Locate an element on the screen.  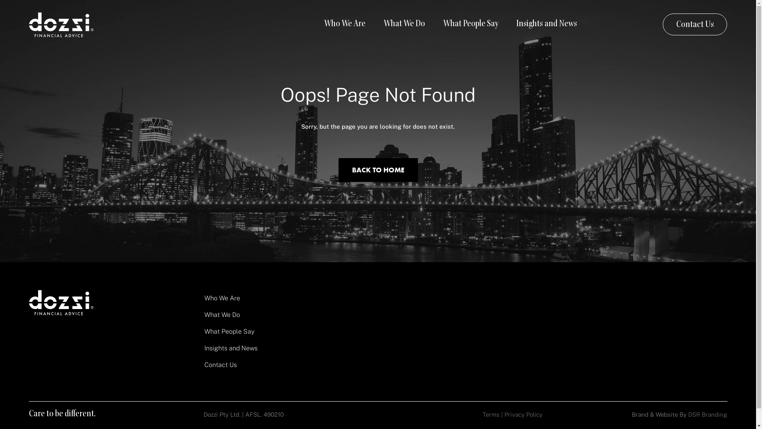
'Privacy Policy' is located at coordinates (523, 414).